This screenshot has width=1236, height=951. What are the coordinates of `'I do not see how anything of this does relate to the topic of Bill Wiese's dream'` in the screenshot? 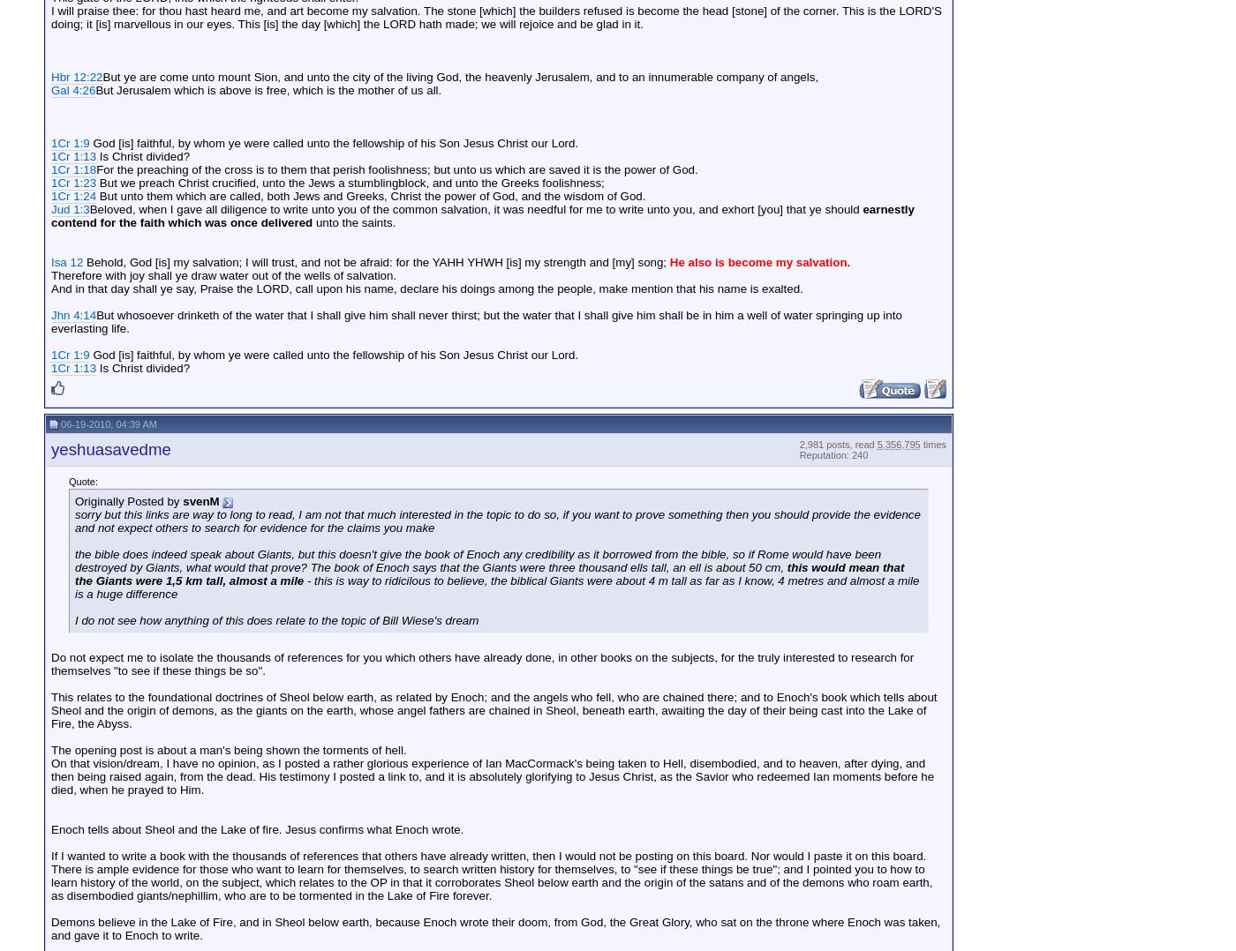 It's located at (276, 619).